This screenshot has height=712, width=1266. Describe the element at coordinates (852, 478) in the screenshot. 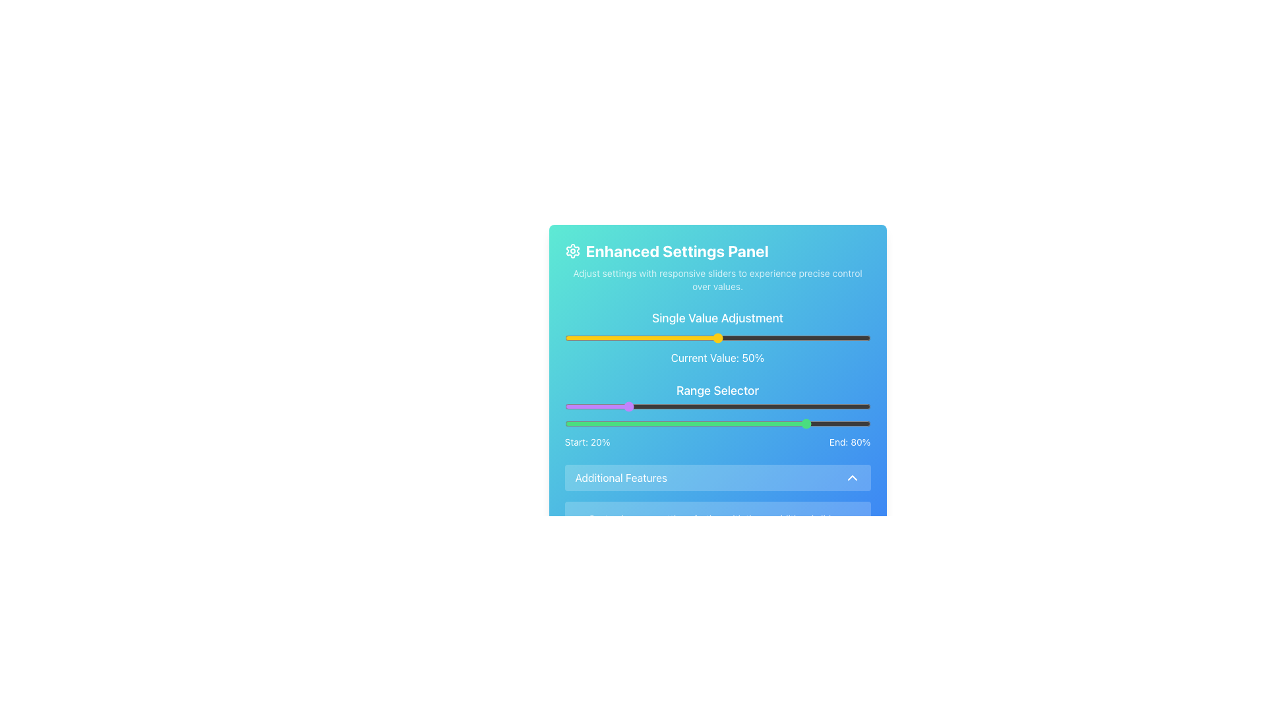

I see `the chevron button located to the right of the 'Additional Features' text` at that location.